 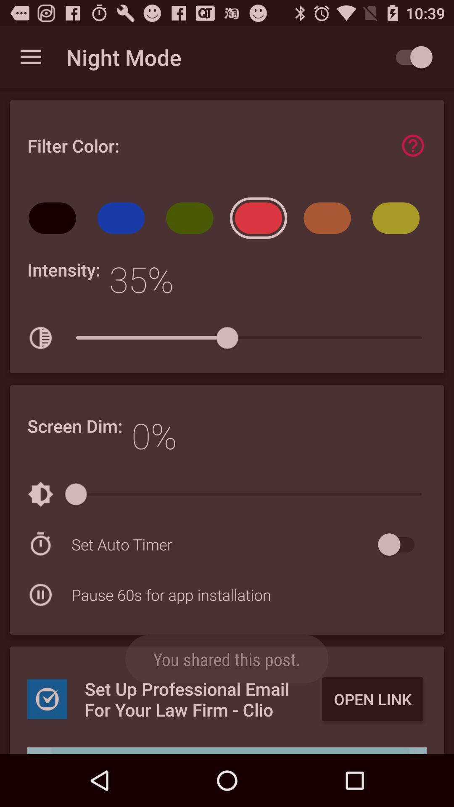 What do you see at coordinates (412, 145) in the screenshot?
I see `question symbol` at bounding box center [412, 145].